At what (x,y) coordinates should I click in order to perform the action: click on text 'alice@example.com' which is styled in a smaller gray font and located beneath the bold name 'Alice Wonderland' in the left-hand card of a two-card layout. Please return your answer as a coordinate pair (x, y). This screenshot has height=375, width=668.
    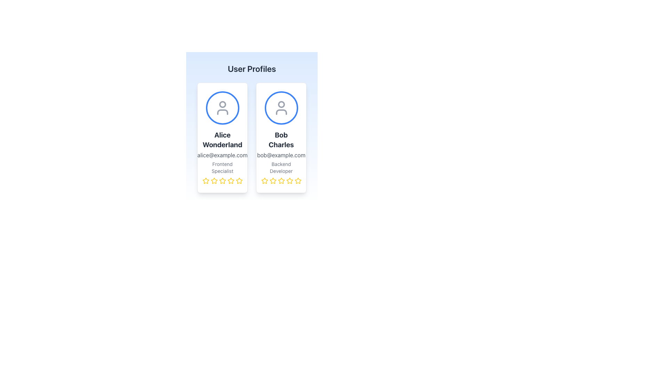
    Looking at the image, I should click on (222, 155).